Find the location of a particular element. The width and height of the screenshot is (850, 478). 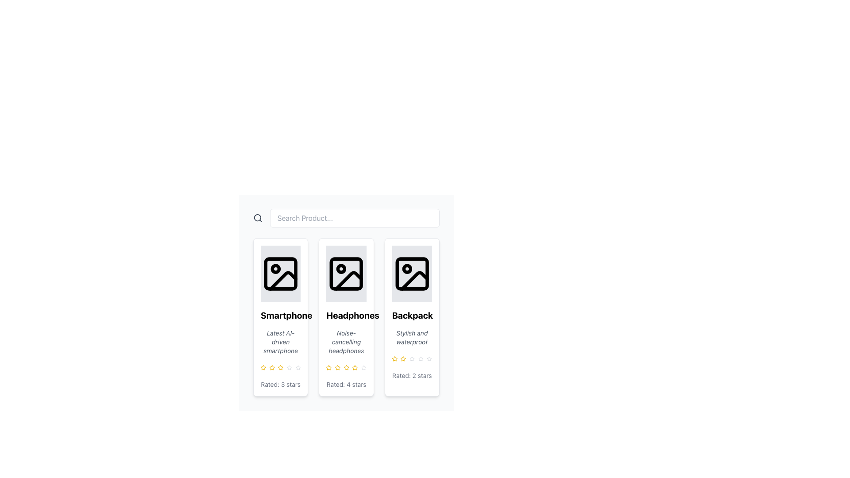

the image placeholder icon at the top of the product card labeled 'Backpack', which is styled with black lines on a light gray background is located at coordinates (411, 273).